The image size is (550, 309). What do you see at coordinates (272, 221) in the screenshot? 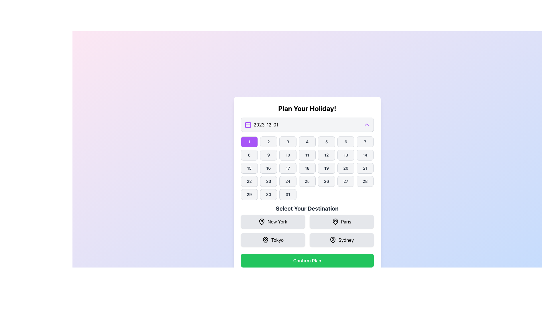
I see `the top-left button in the destination selection grid` at bounding box center [272, 221].